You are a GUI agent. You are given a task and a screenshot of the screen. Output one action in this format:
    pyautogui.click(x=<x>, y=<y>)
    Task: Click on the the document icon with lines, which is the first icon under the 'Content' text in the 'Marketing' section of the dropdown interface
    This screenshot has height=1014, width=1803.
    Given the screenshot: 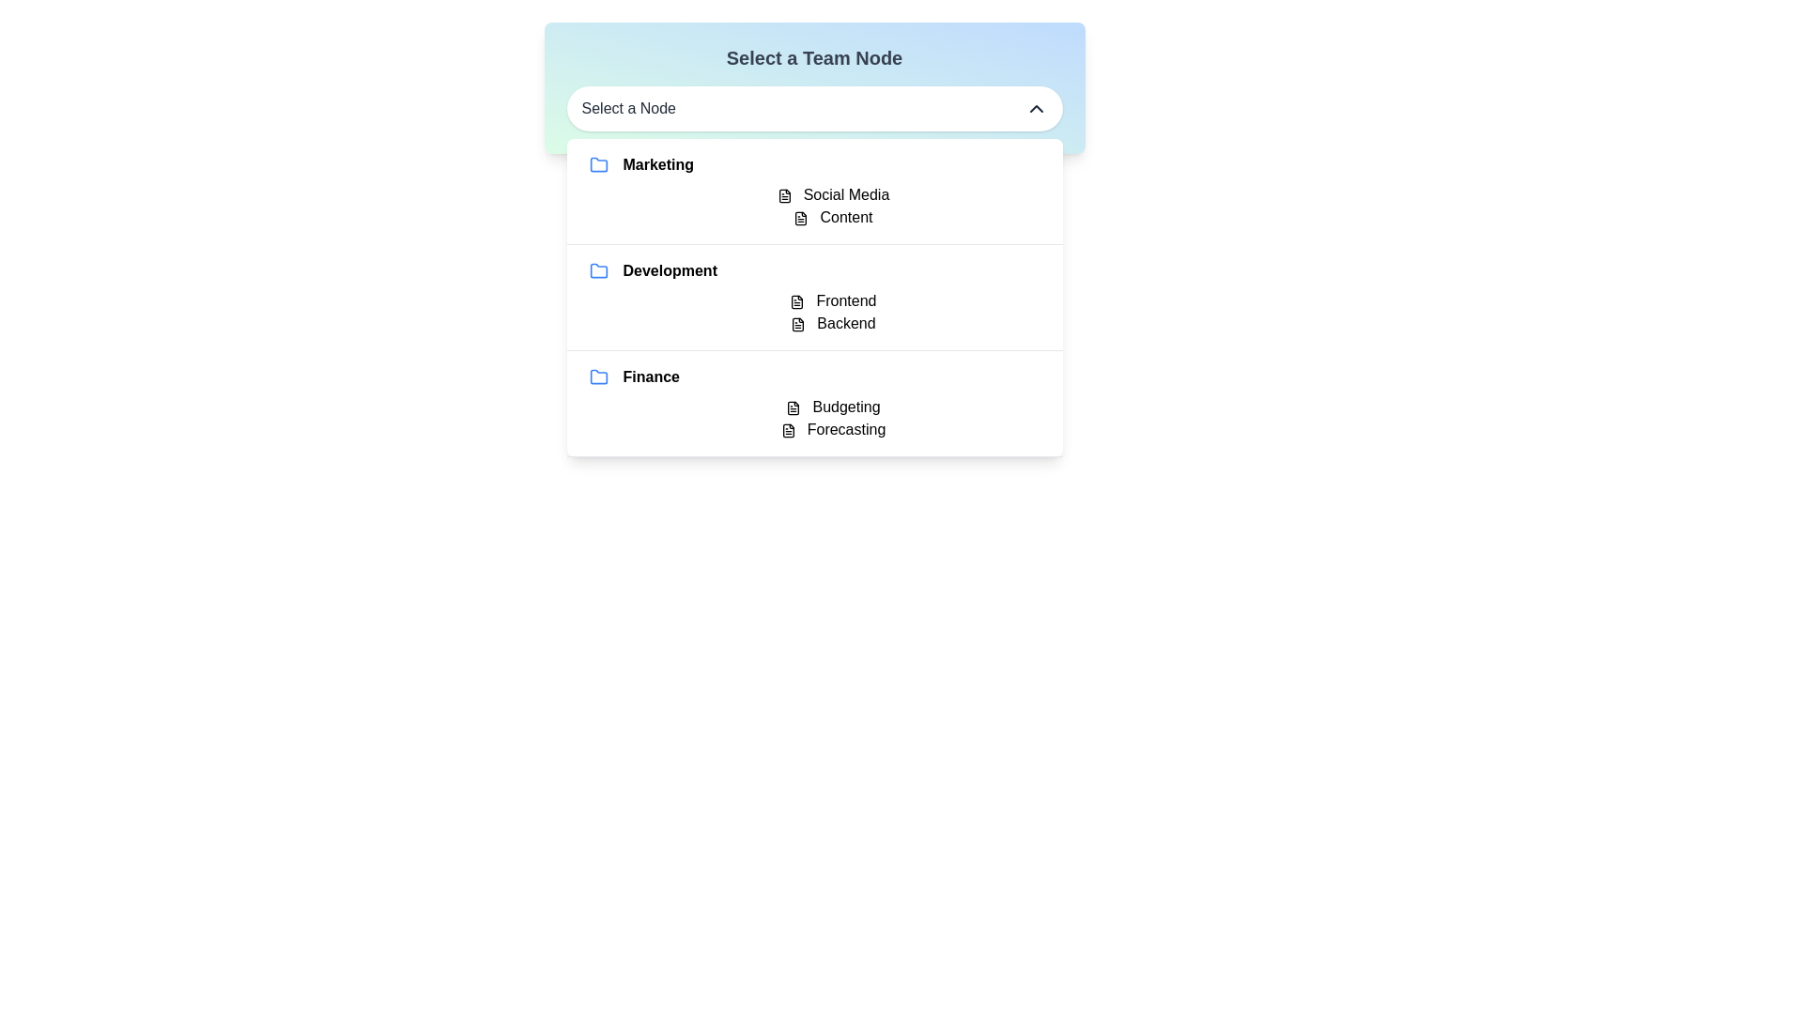 What is the action you would take?
    pyautogui.click(x=801, y=217)
    